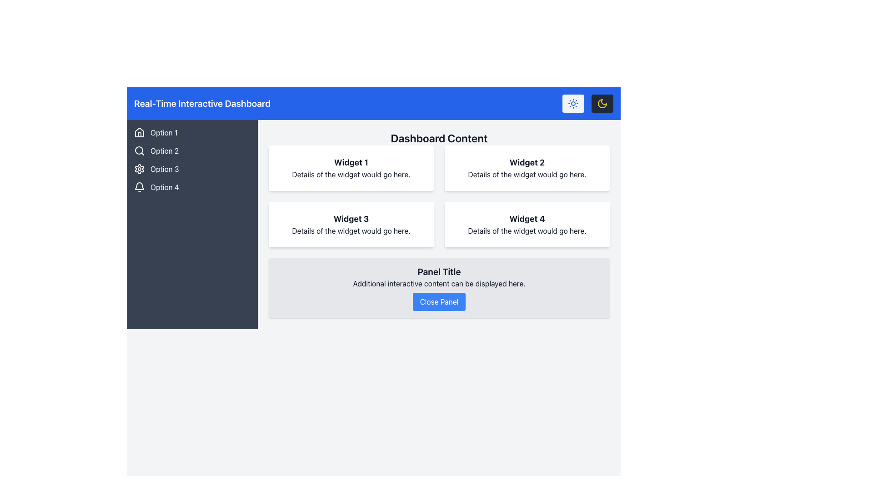  What do you see at coordinates (139, 169) in the screenshot?
I see `the settings icon located in the vertical navigation menu under 'Option 3'` at bounding box center [139, 169].